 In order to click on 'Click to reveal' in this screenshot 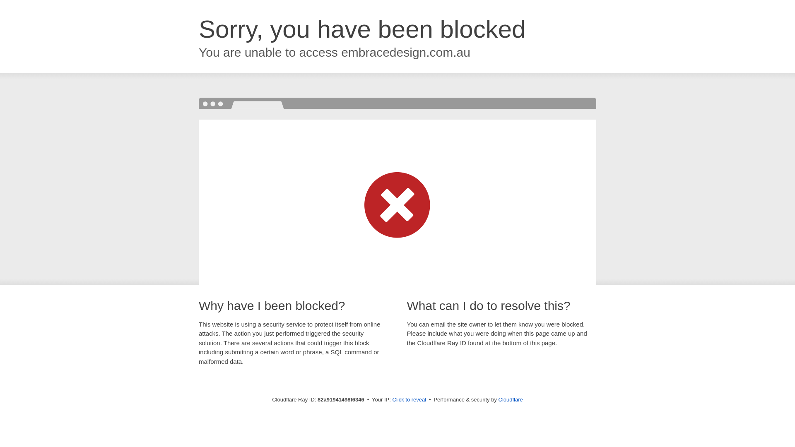, I will do `click(409, 399)`.